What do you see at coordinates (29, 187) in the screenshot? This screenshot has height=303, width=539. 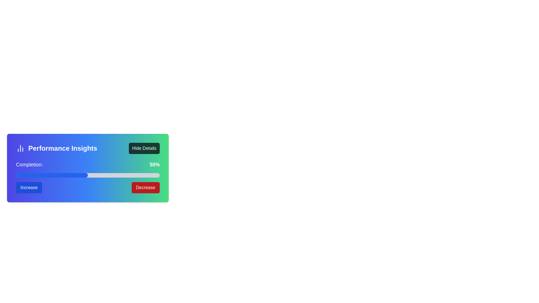 I see `the 'Increase' button located at the bottom left of the 'Performance Insights' section` at bounding box center [29, 187].